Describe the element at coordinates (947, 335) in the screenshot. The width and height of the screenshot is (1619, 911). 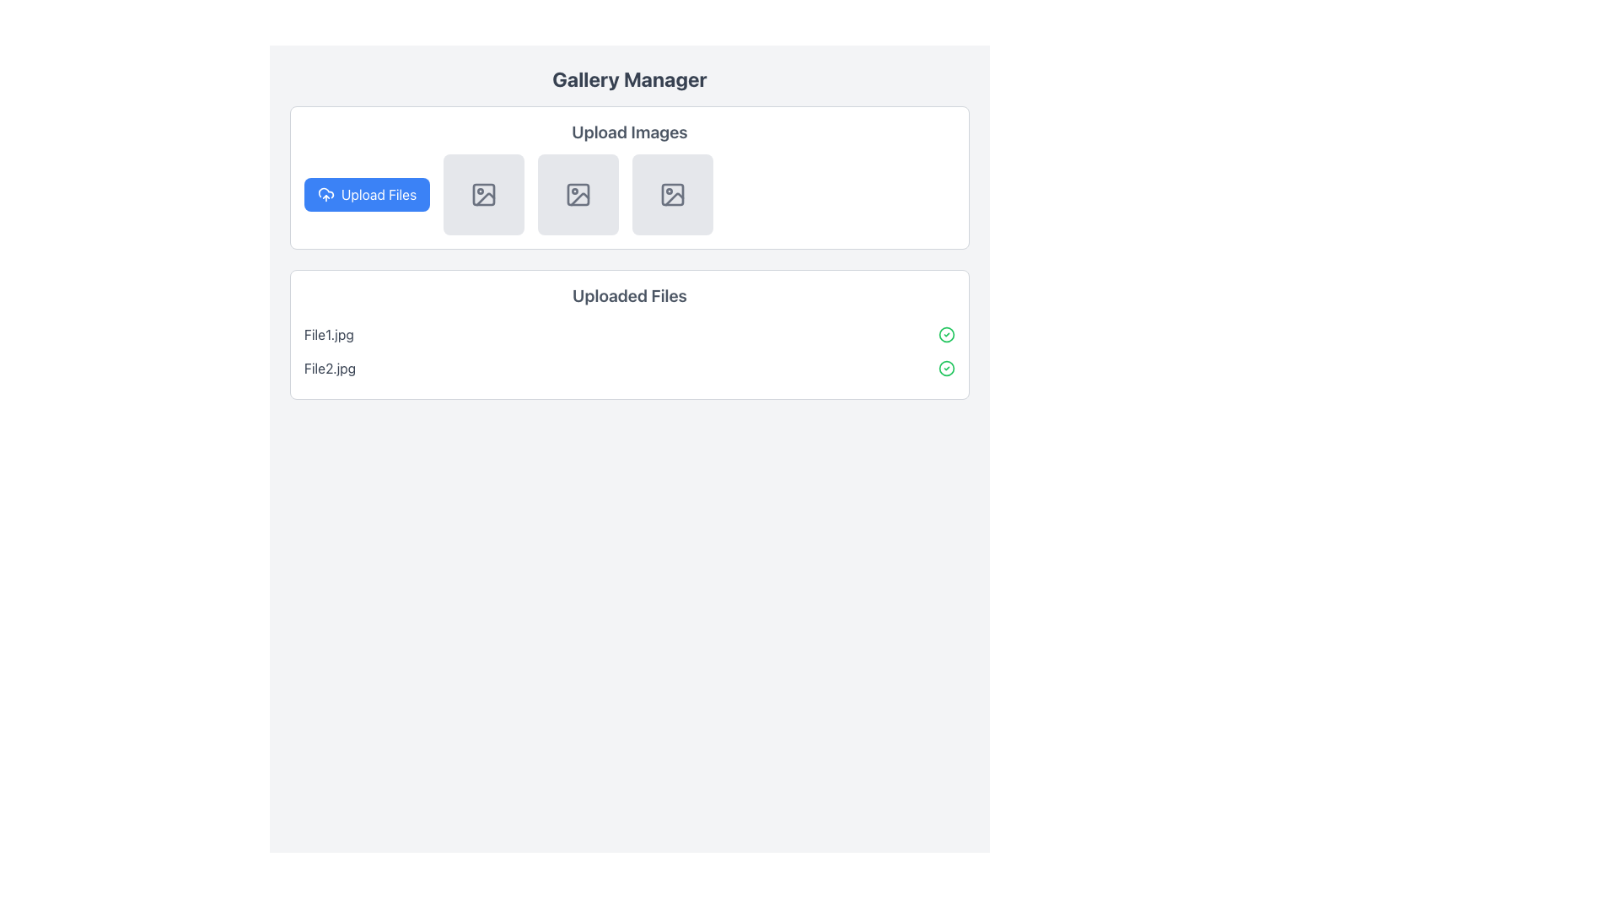
I see `the circular green checkmark icon located to the right of 'File1.jpg' in the uploaded files list` at that location.